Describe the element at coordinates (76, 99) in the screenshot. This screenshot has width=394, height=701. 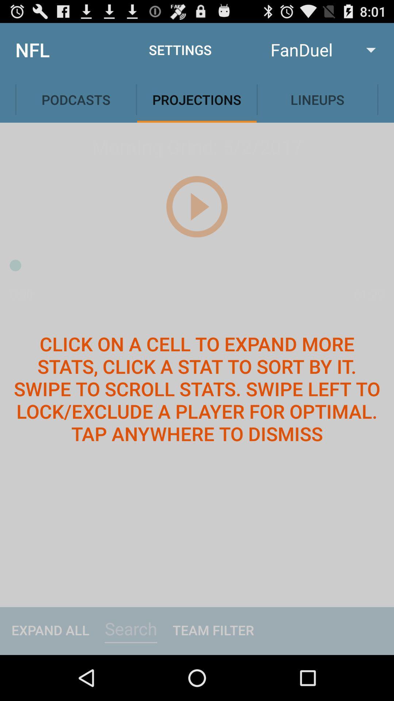
I see `tap on podcasts` at that location.